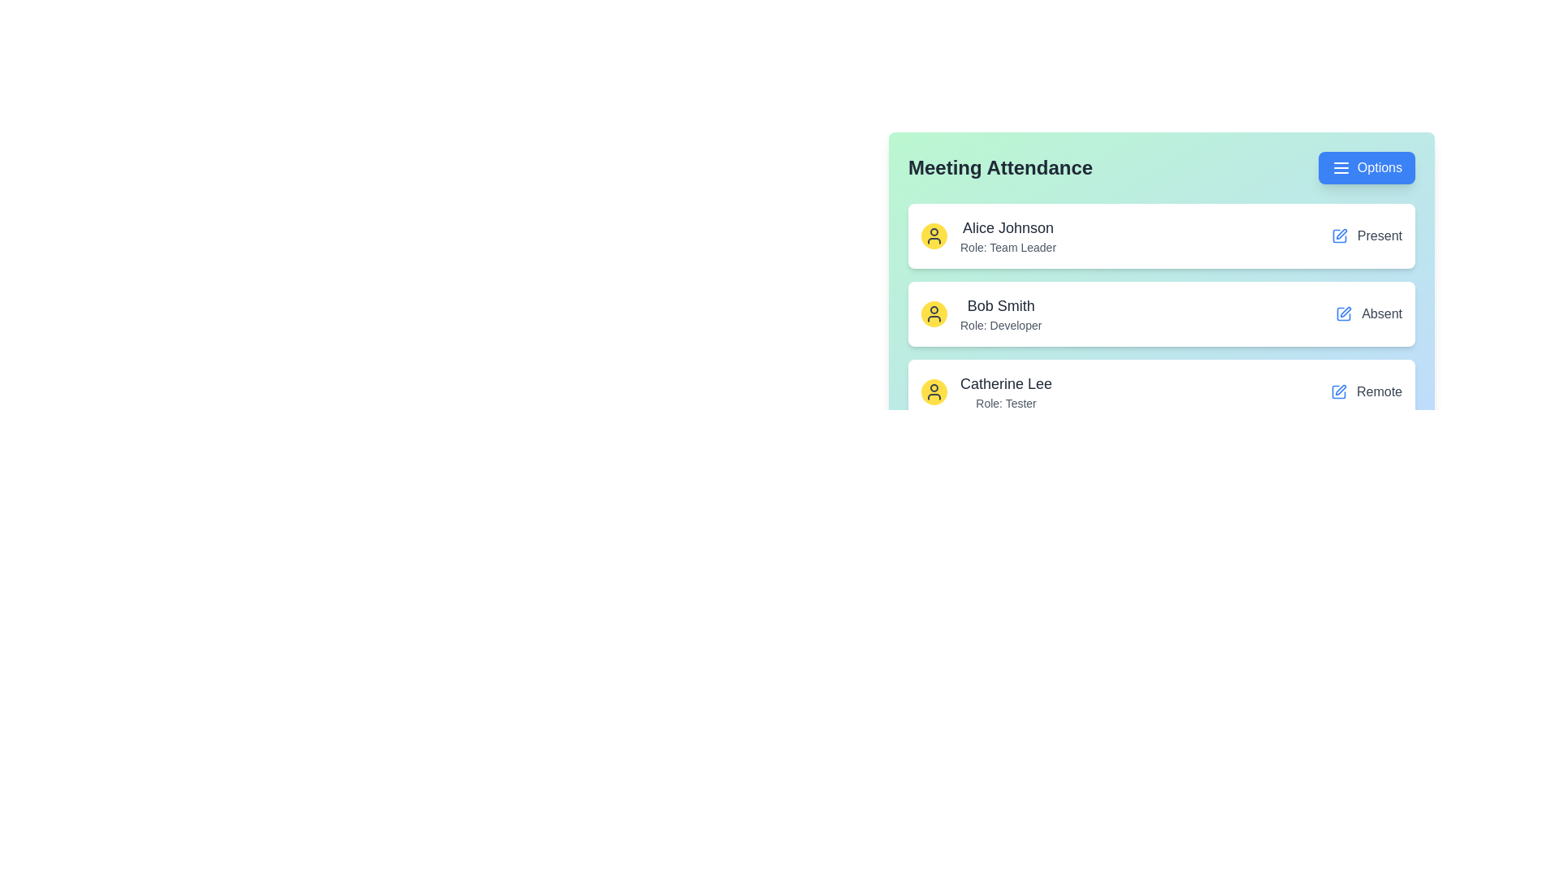 The image size is (1560, 877). Describe the element at coordinates (1365, 391) in the screenshot. I see `the edit icon adjacent to the 'Remote' status label for 'Catherine Lee: Role: Tester'` at that location.